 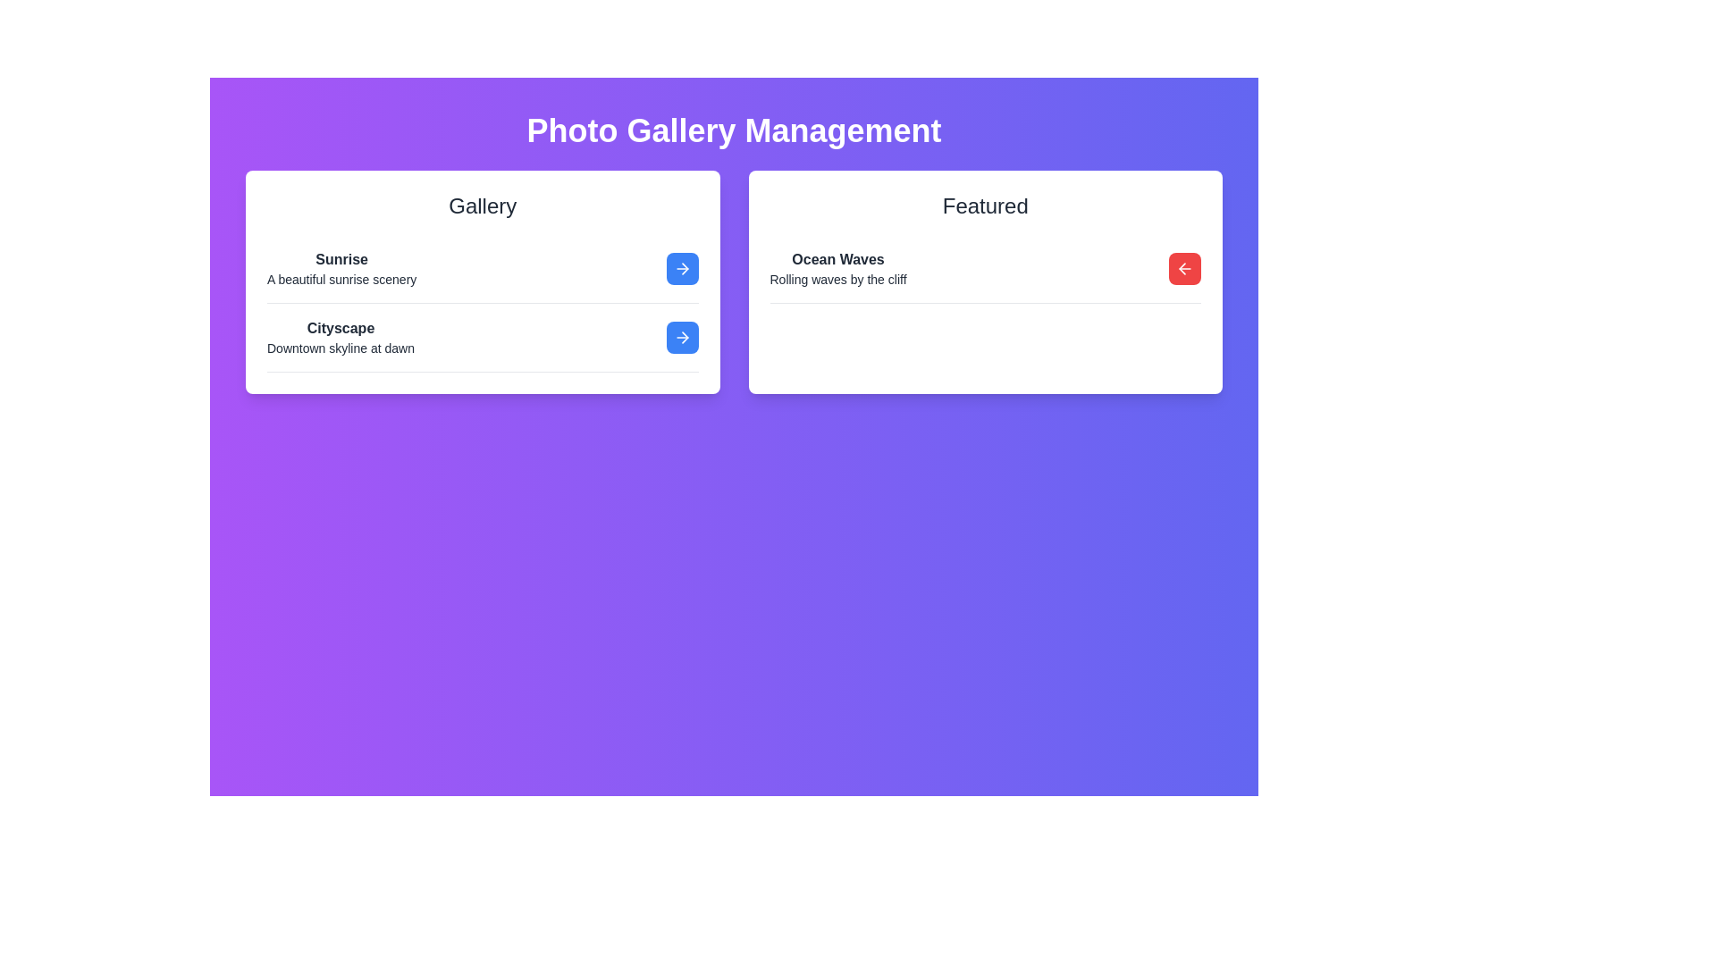 What do you see at coordinates (734, 130) in the screenshot?
I see `text of the Text header that indicates the application's purpose for managing a photo gallery, located at the top central region of the interface` at bounding box center [734, 130].